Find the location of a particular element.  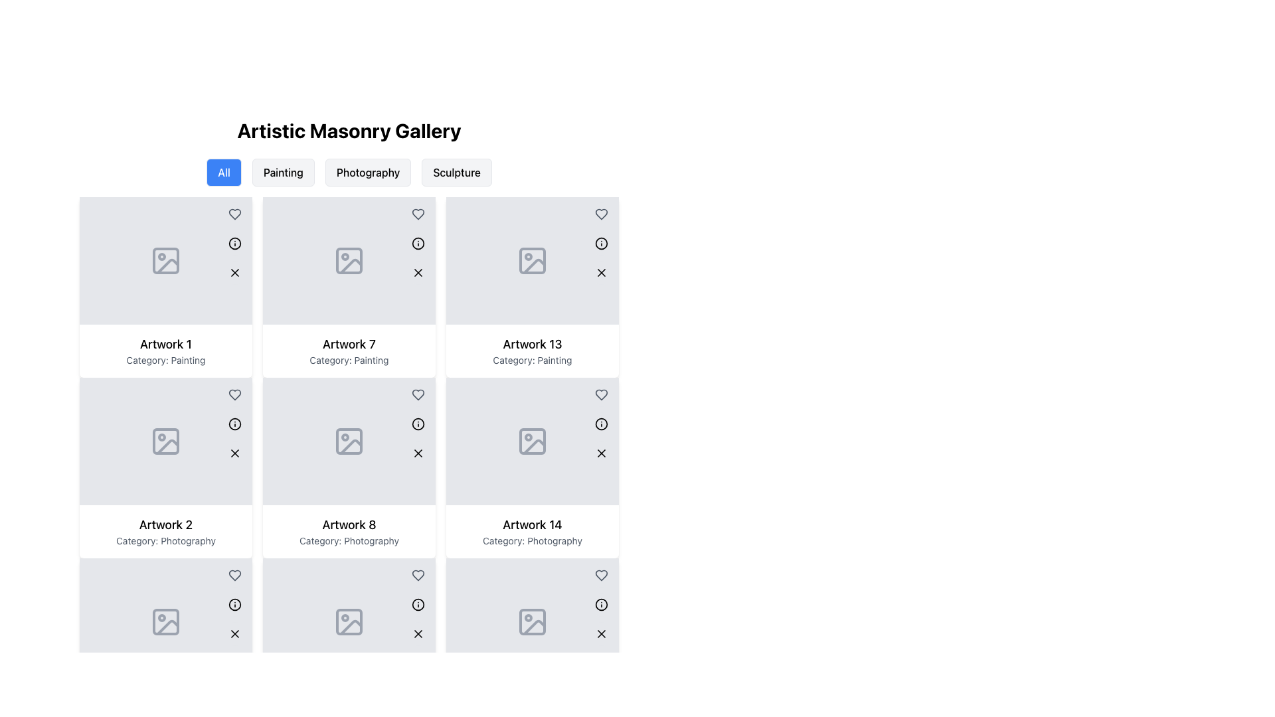

the icon representing an image within the card labeled 'Artwork 14' in the 'Artistic Masonry Gallery' is located at coordinates (532, 622).